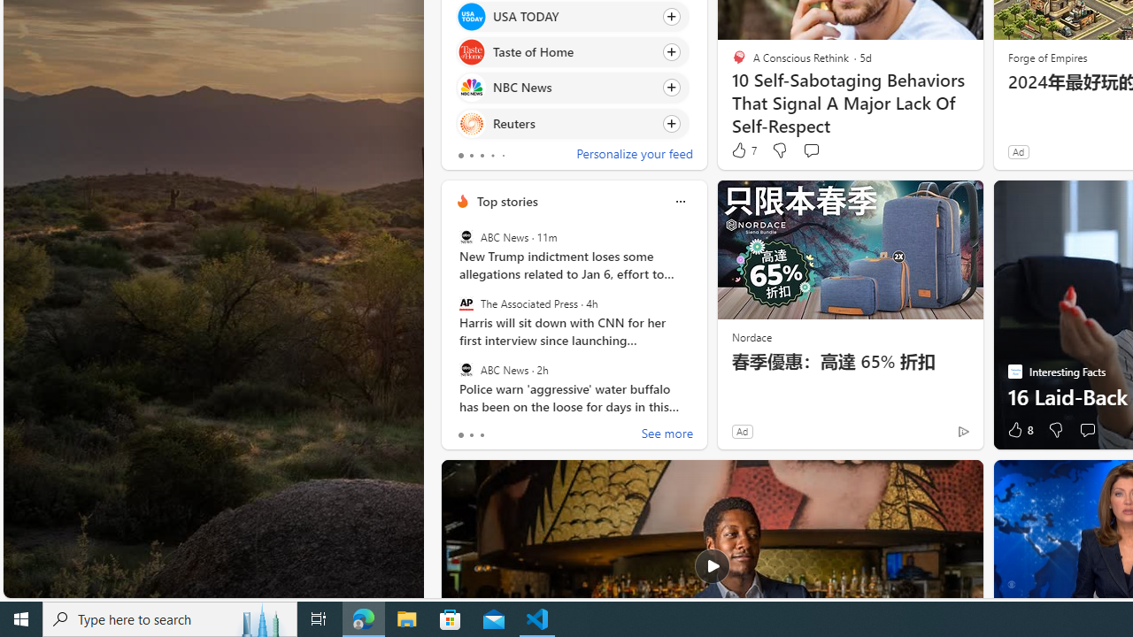 This screenshot has height=637, width=1133. Describe the element at coordinates (466, 368) in the screenshot. I see `'ABC News'` at that location.